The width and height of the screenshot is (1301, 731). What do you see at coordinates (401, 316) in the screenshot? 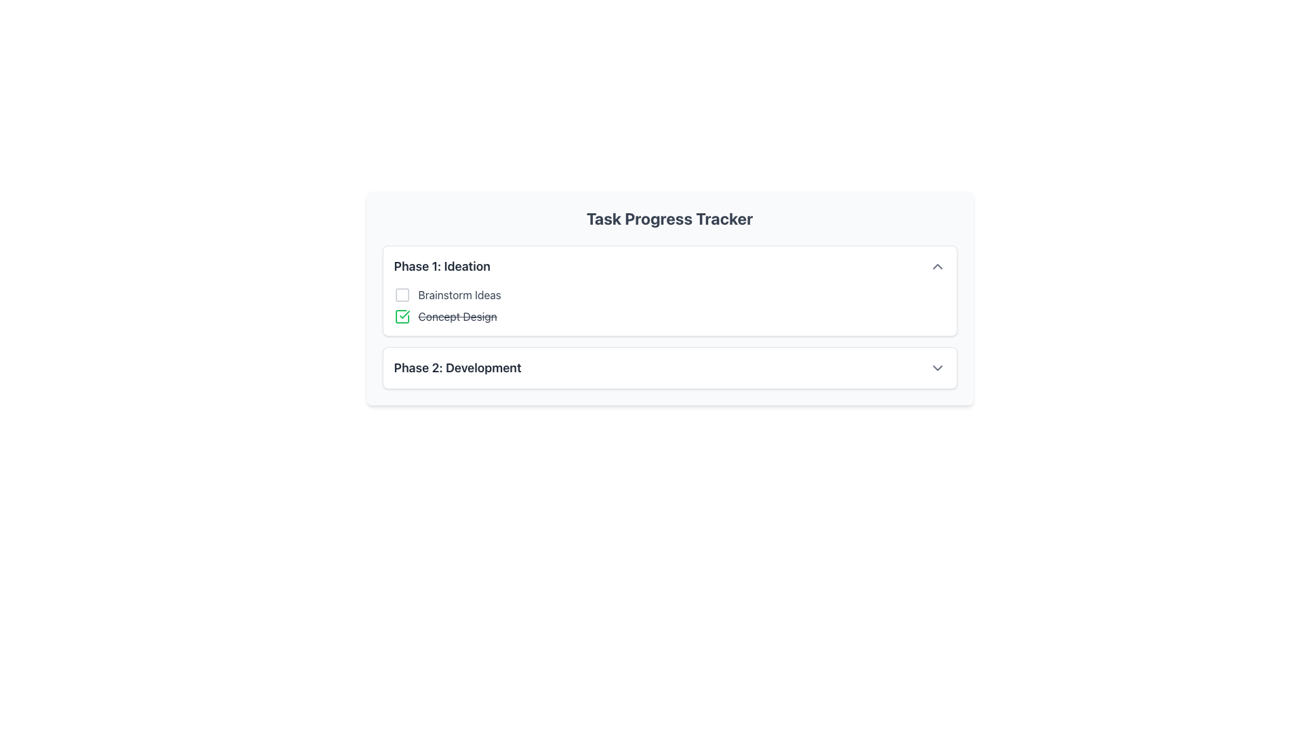
I see `the leftmost icon indicating the selected or completed state of the checklist item 'Concept Design' within the 'Phase 1: Ideation' section` at bounding box center [401, 316].